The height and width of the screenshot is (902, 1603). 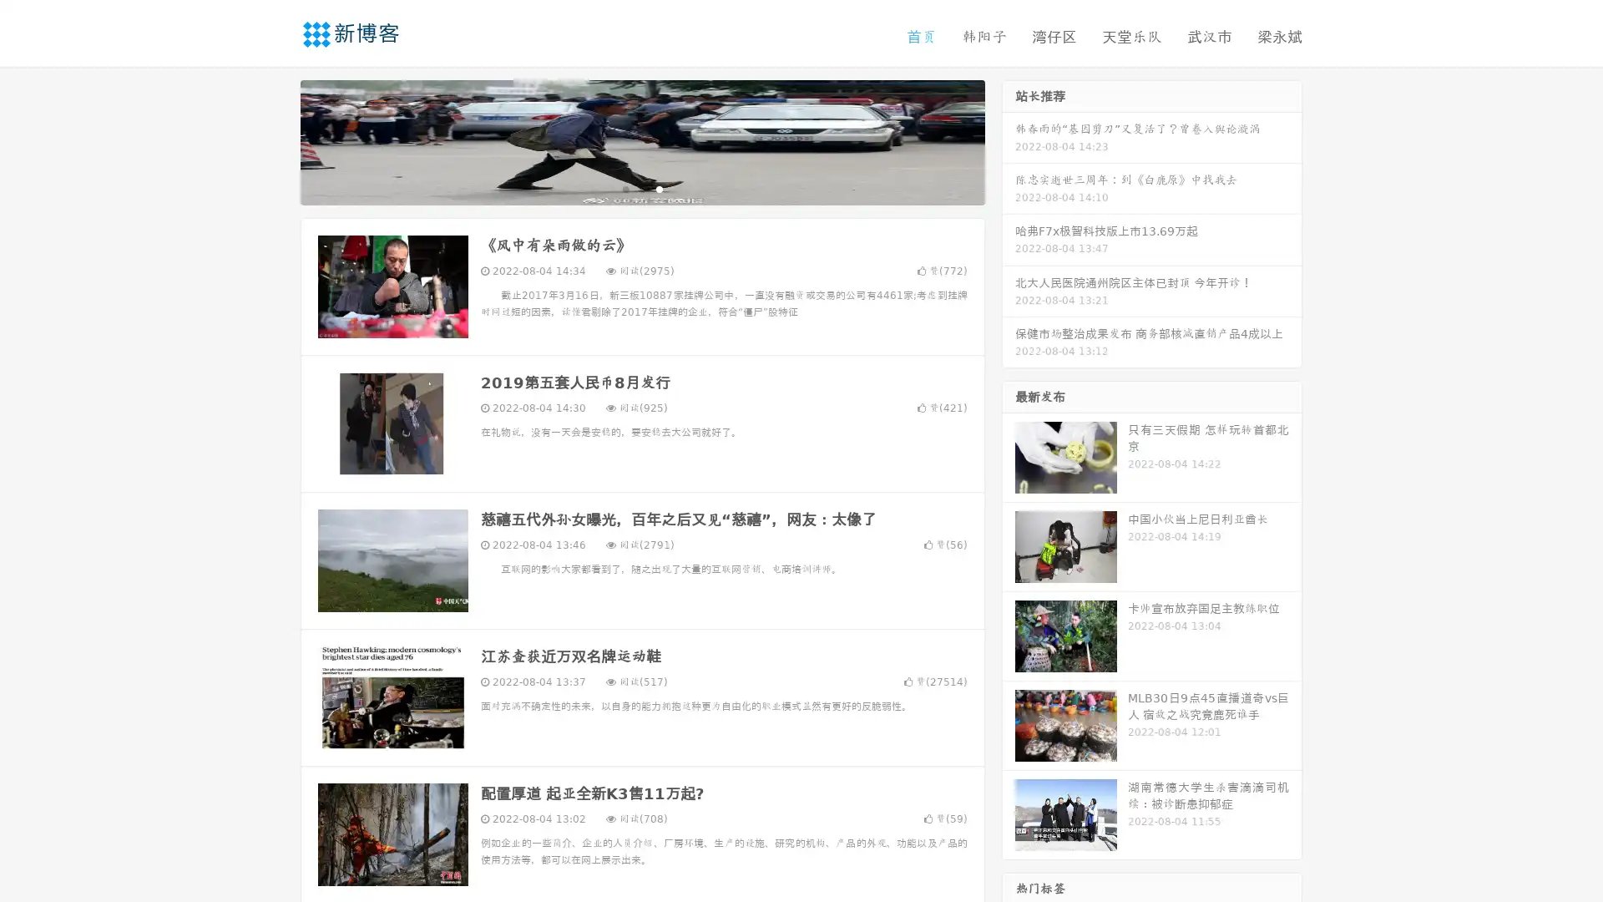 I want to click on Go to slide 3, so click(x=659, y=188).